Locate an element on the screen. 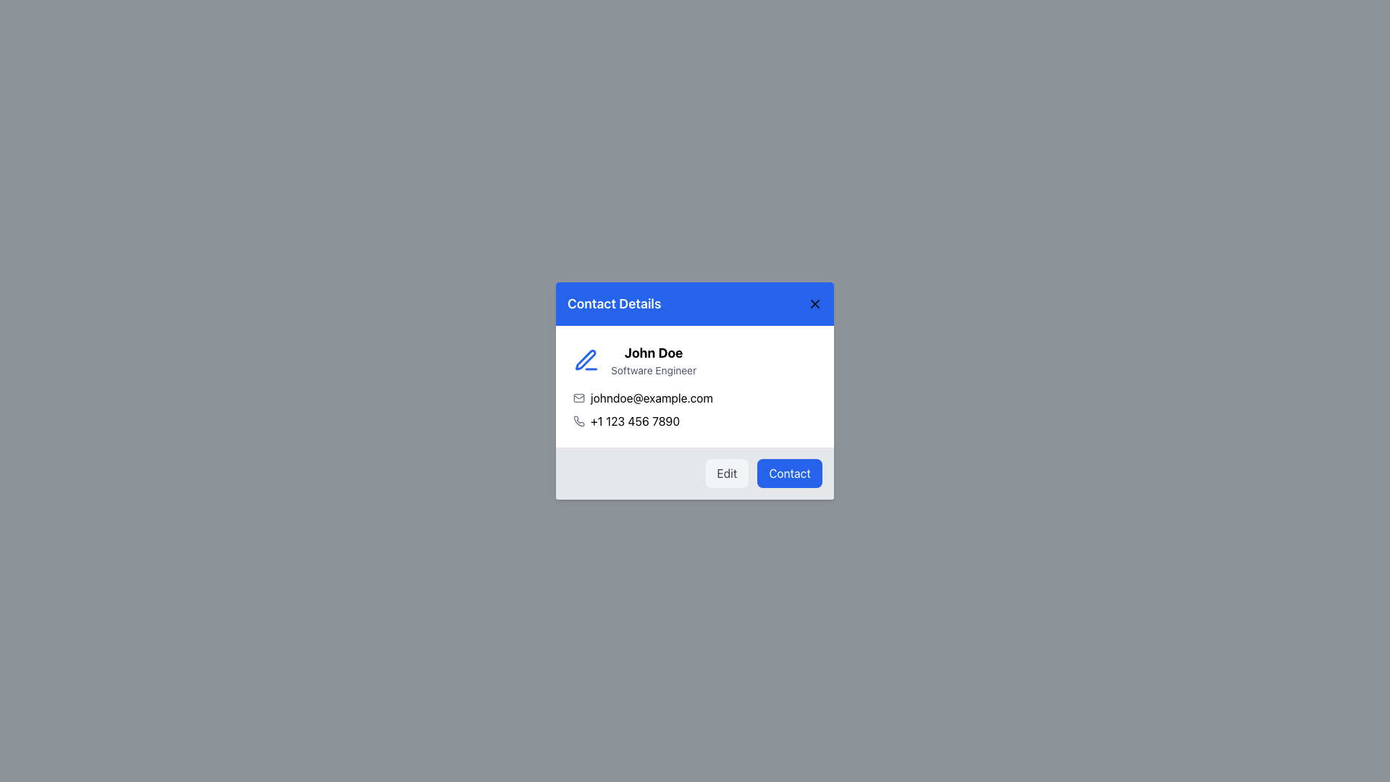 The width and height of the screenshot is (1390, 782). the icon that visually represents the phone number '+1 123 456 7890', located in the lower right region of the dialog is located at coordinates (579, 421).